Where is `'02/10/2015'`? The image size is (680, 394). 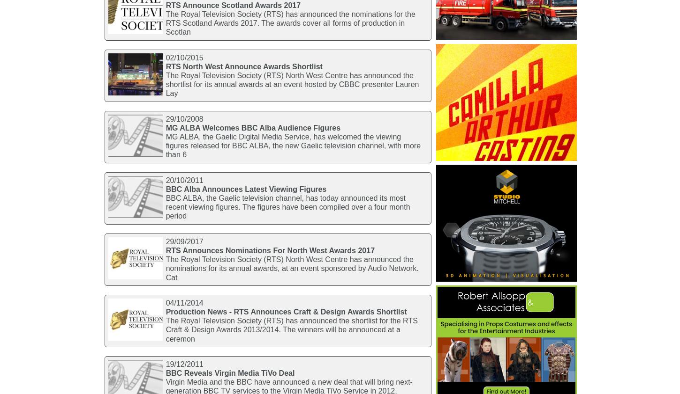
'02/10/2015' is located at coordinates (183, 57).